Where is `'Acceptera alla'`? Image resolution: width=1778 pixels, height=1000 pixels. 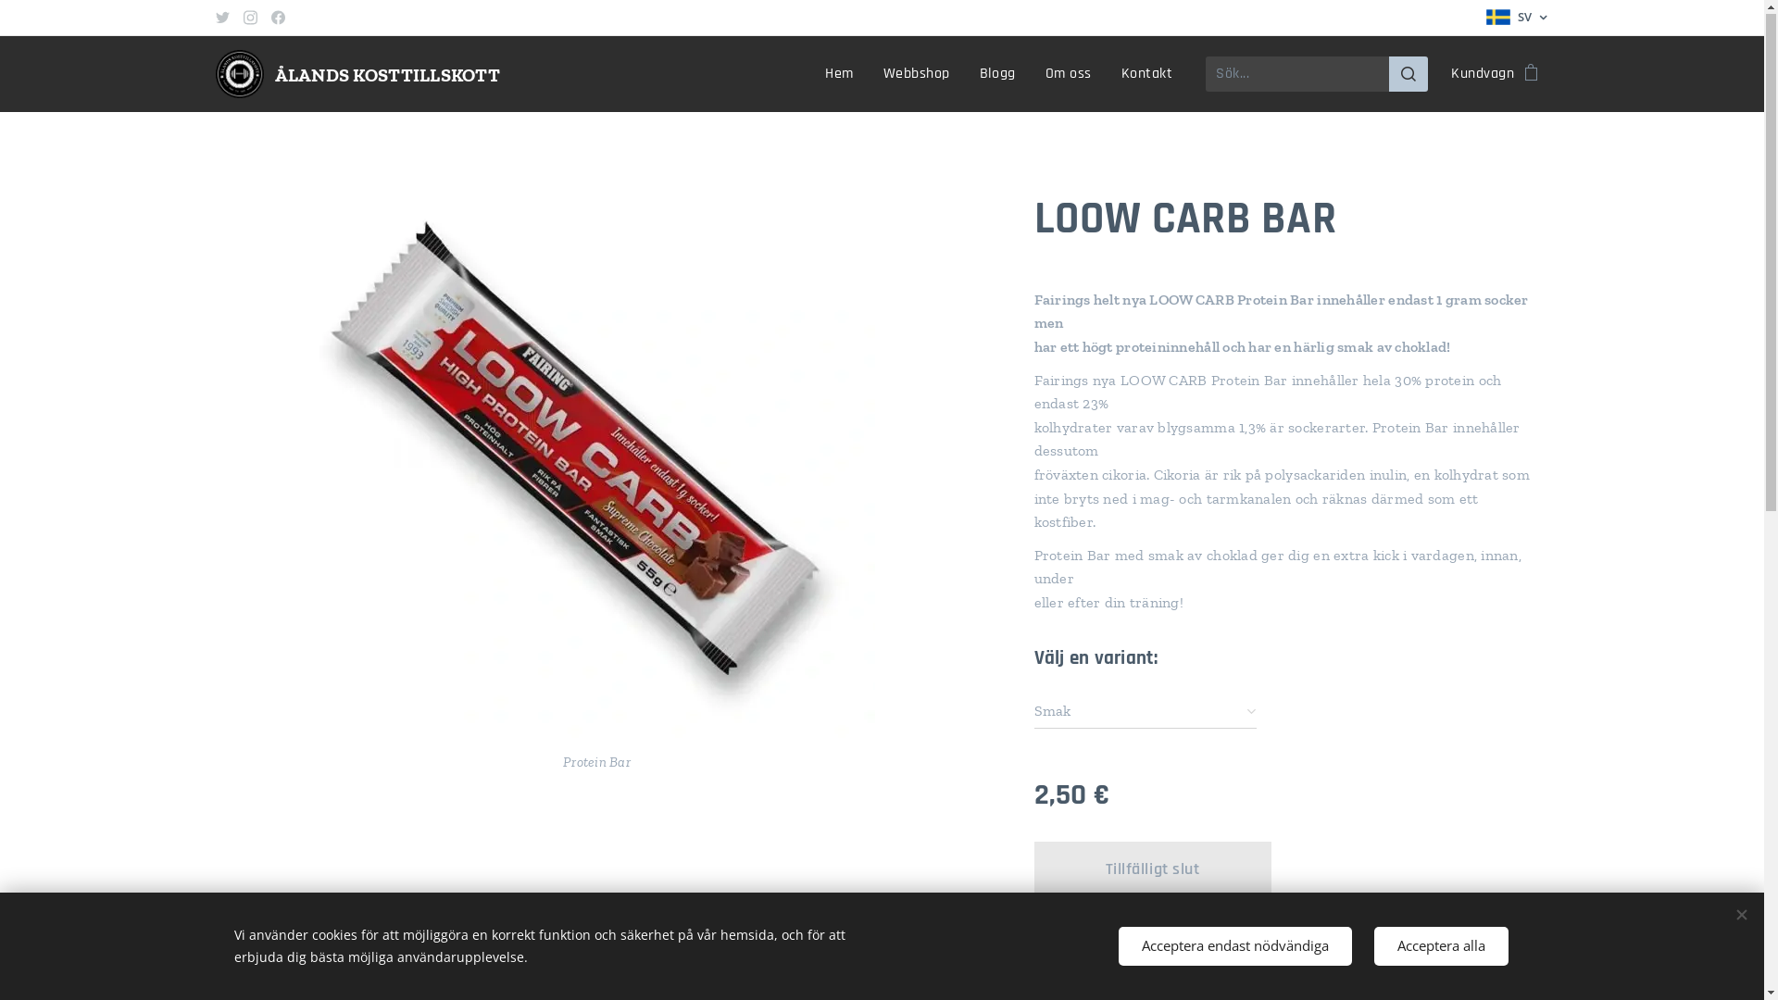
'Acceptera alla' is located at coordinates (1440, 946).